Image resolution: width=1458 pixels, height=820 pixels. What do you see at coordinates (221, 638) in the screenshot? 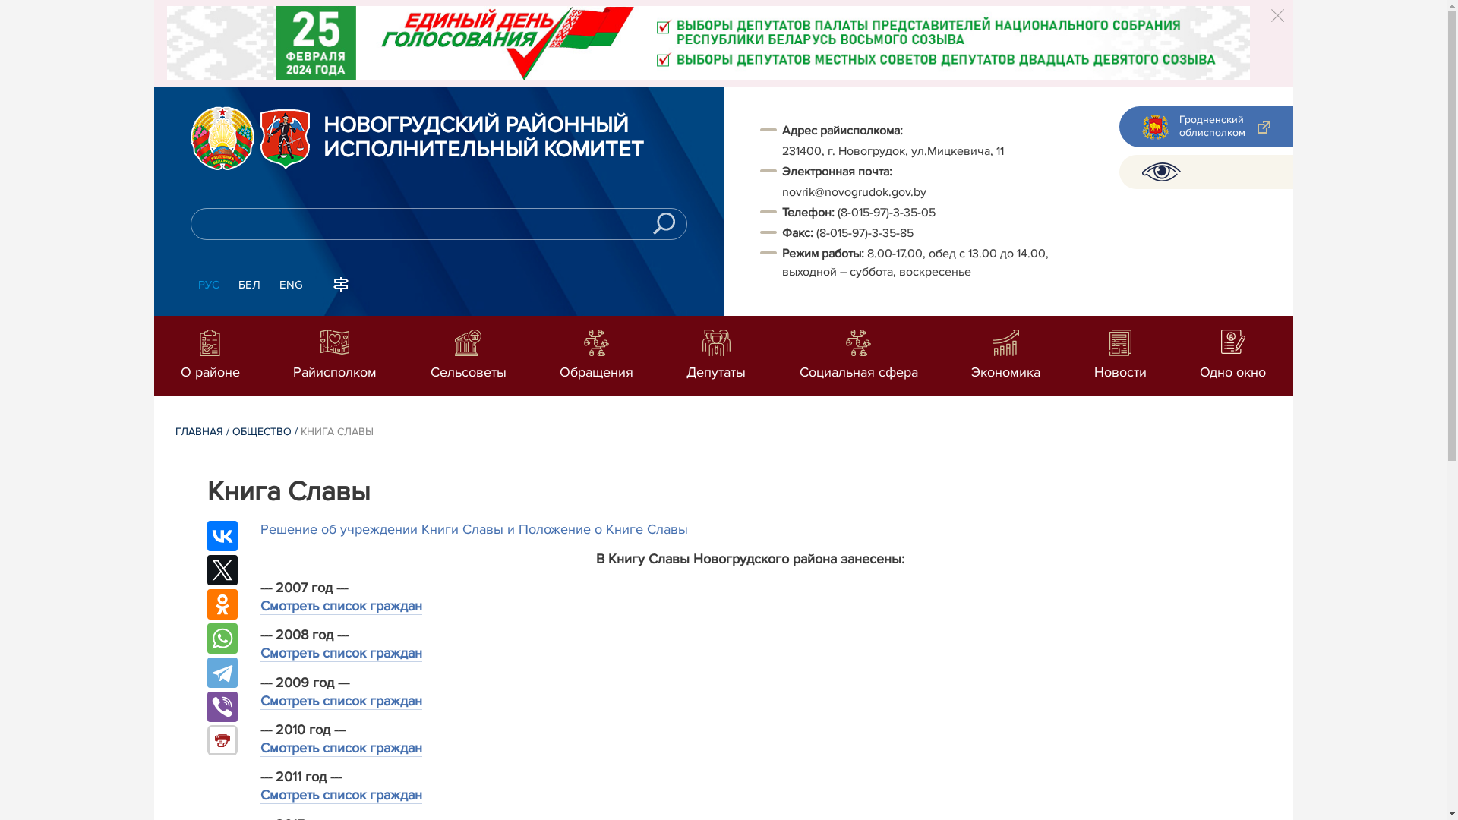
I see `'WhatsApp'` at bounding box center [221, 638].